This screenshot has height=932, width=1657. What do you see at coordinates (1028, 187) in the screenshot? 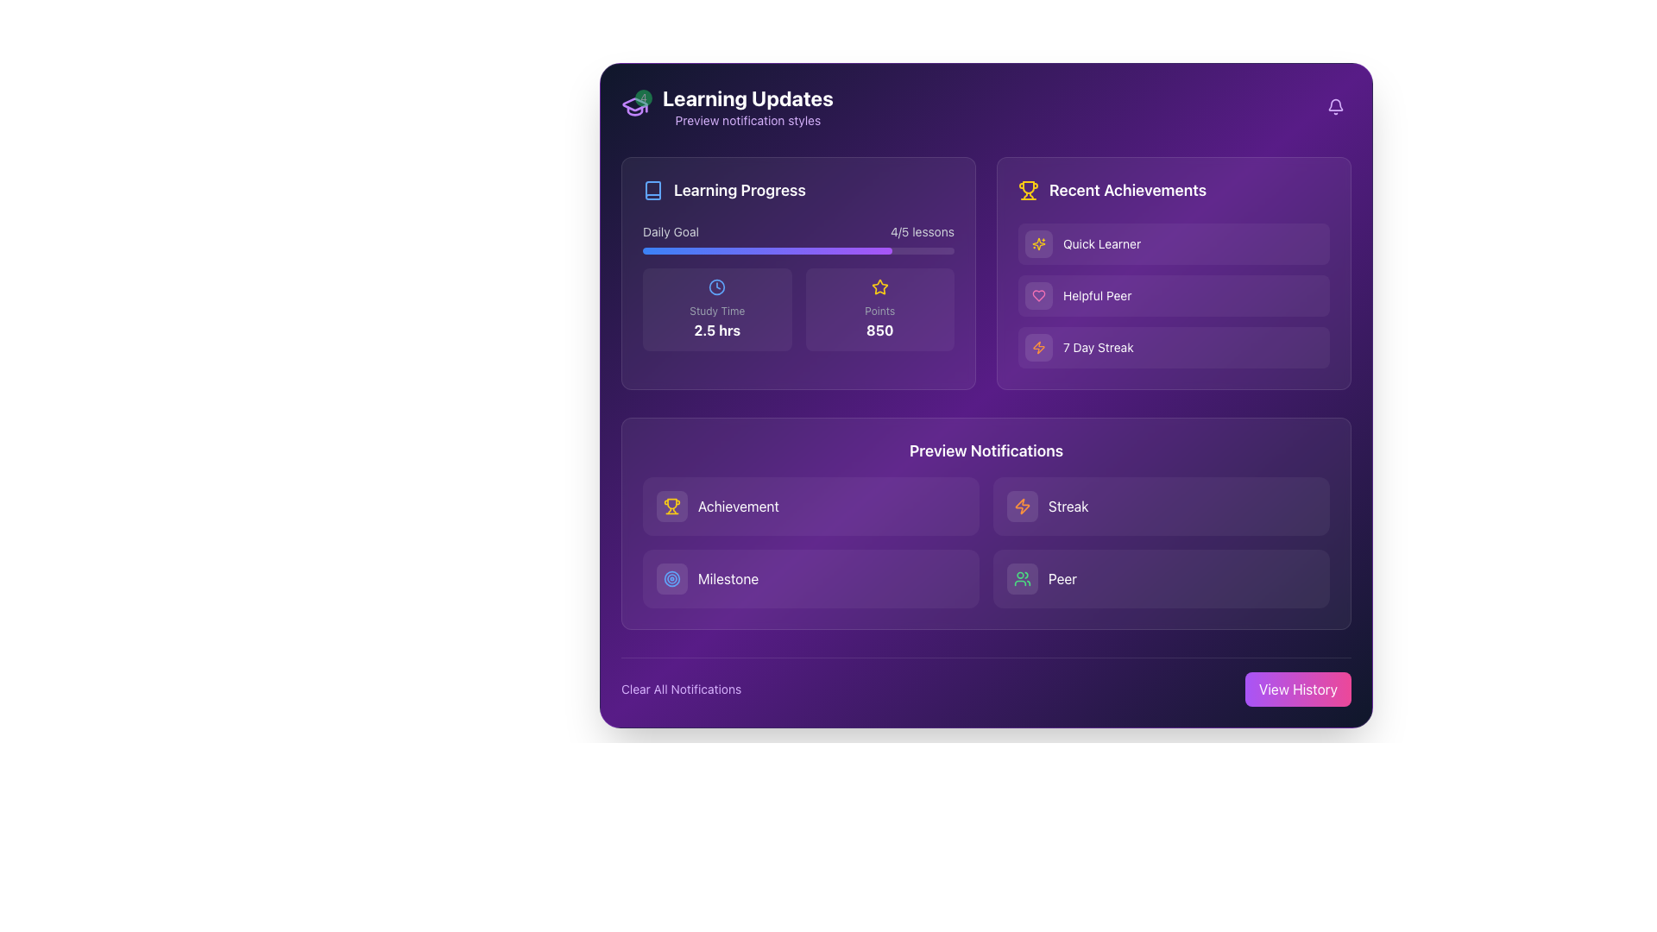
I see `the central bowl portion of the trophy icon in the 'Recent Achievements' section, which visually represents an achievement or award symbol` at bounding box center [1028, 187].